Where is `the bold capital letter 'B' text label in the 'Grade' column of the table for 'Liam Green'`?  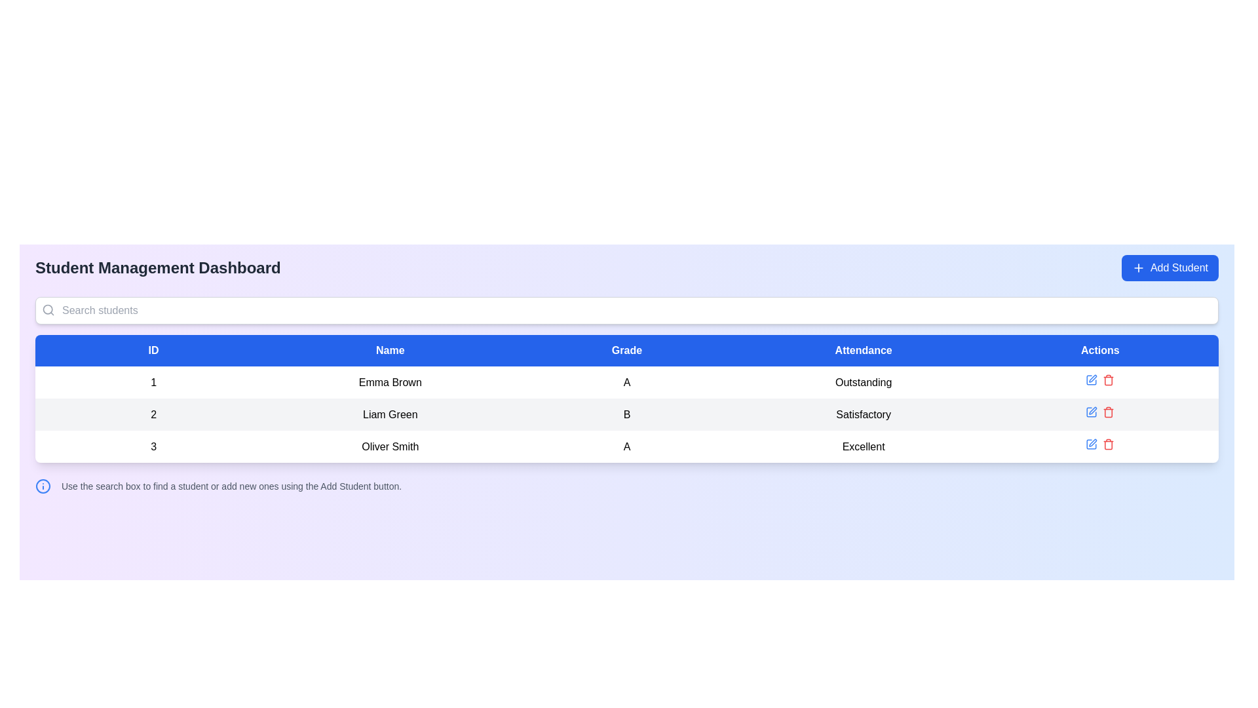
the bold capital letter 'B' text label in the 'Grade' column of the table for 'Liam Green' is located at coordinates (626, 414).